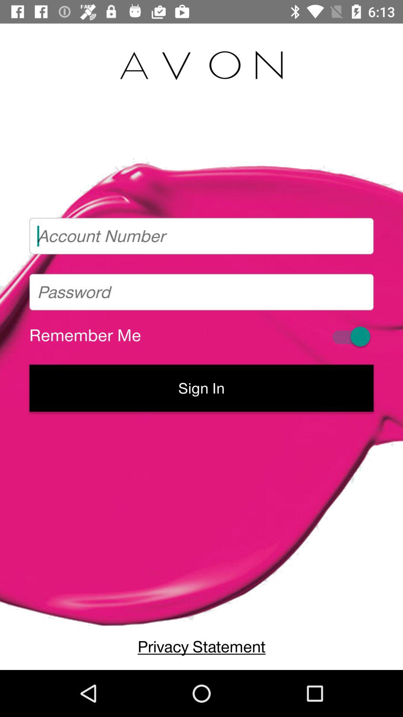 This screenshot has width=403, height=717. Describe the element at coordinates (350, 336) in the screenshot. I see `turn off setting` at that location.